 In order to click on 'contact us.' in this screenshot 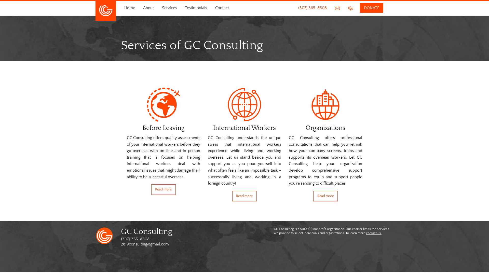, I will do `click(374, 233)`.